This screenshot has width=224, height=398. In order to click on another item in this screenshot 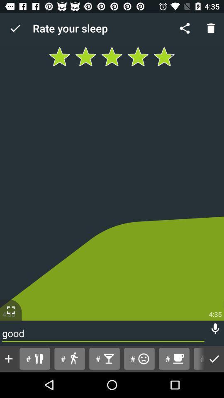, I will do `click(8, 358)`.